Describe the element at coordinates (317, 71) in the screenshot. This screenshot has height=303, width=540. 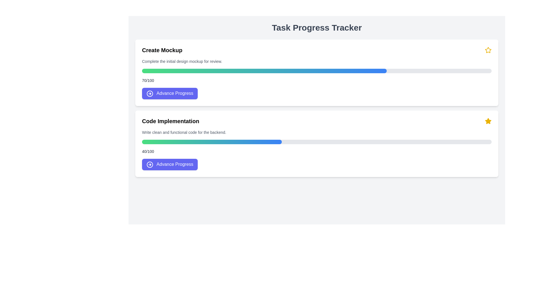
I see `the progress bar located in the upper section of the 'Create Mockup' card, which visually represents the task completion with a numeric value shown below it` at that location.